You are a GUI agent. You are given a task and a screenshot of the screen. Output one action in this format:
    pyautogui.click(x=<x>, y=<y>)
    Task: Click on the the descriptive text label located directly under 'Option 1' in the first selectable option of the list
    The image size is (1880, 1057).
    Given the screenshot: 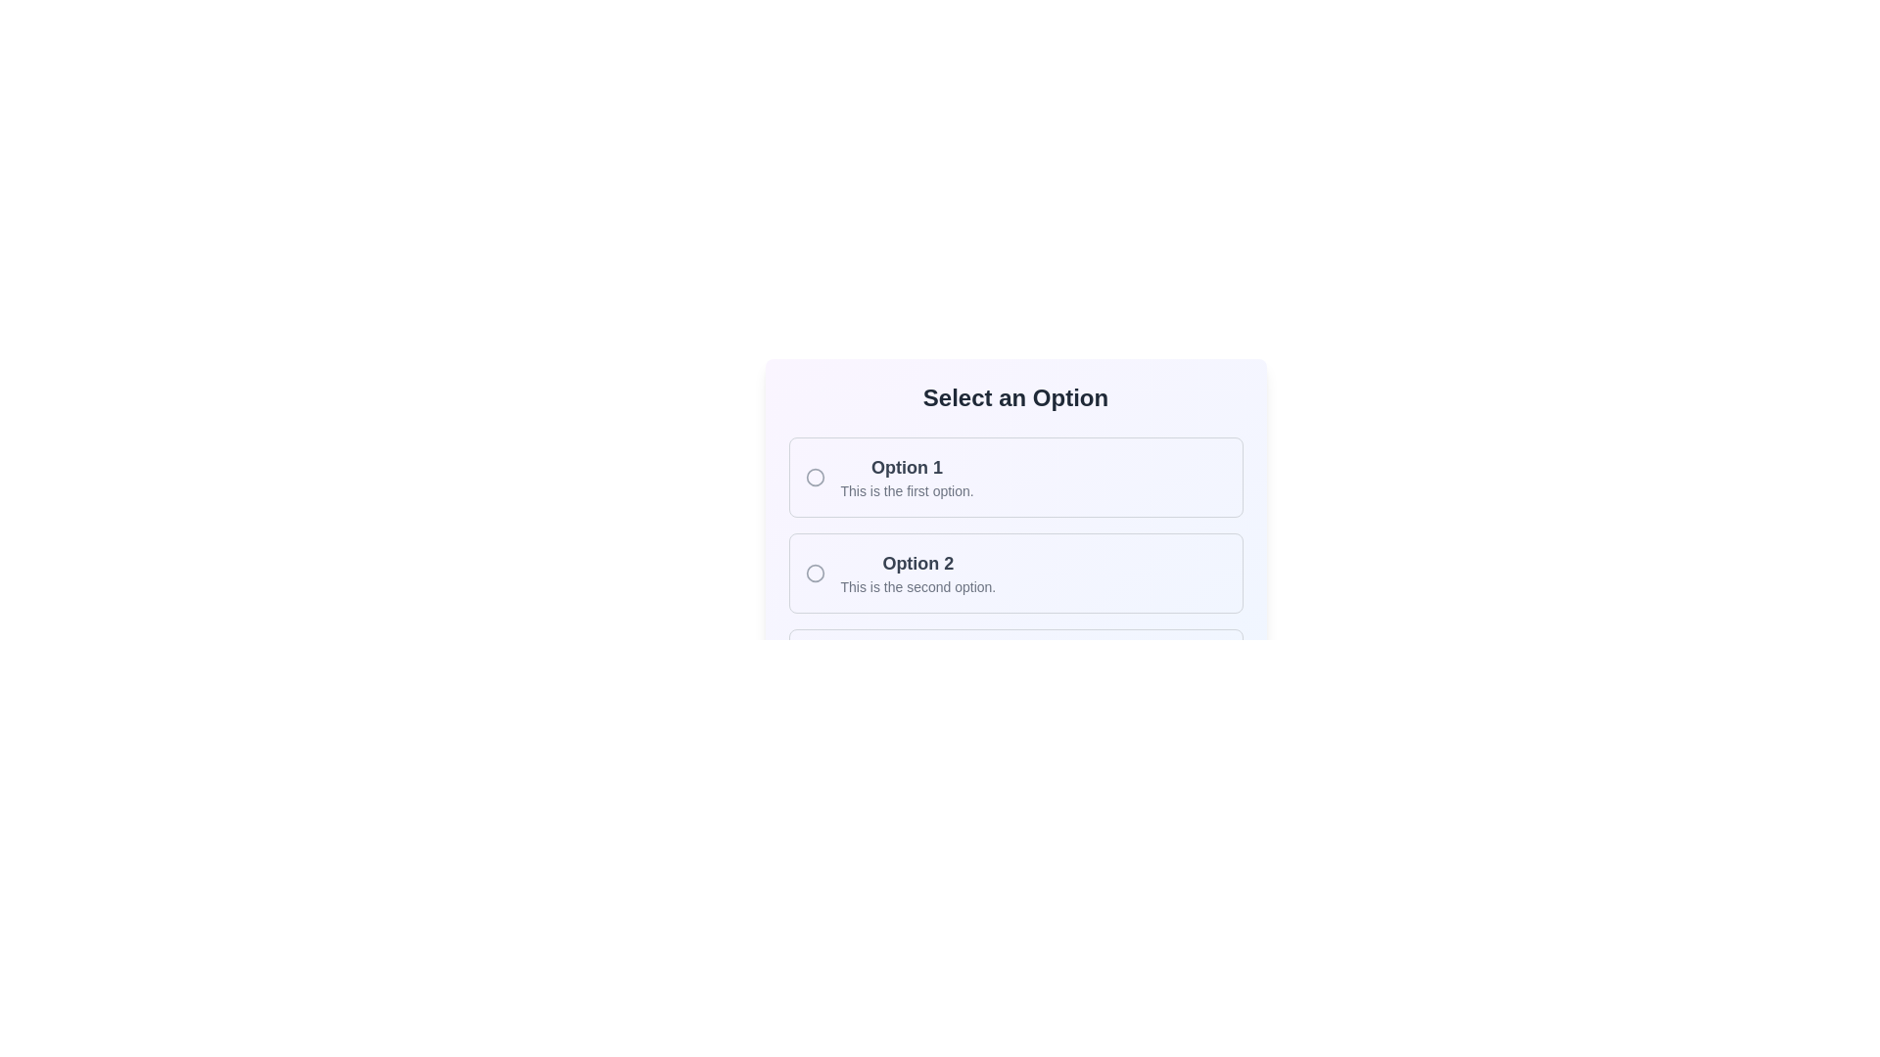 What is the action you would take?
    pyautogui.click(x=906, y=489)
    